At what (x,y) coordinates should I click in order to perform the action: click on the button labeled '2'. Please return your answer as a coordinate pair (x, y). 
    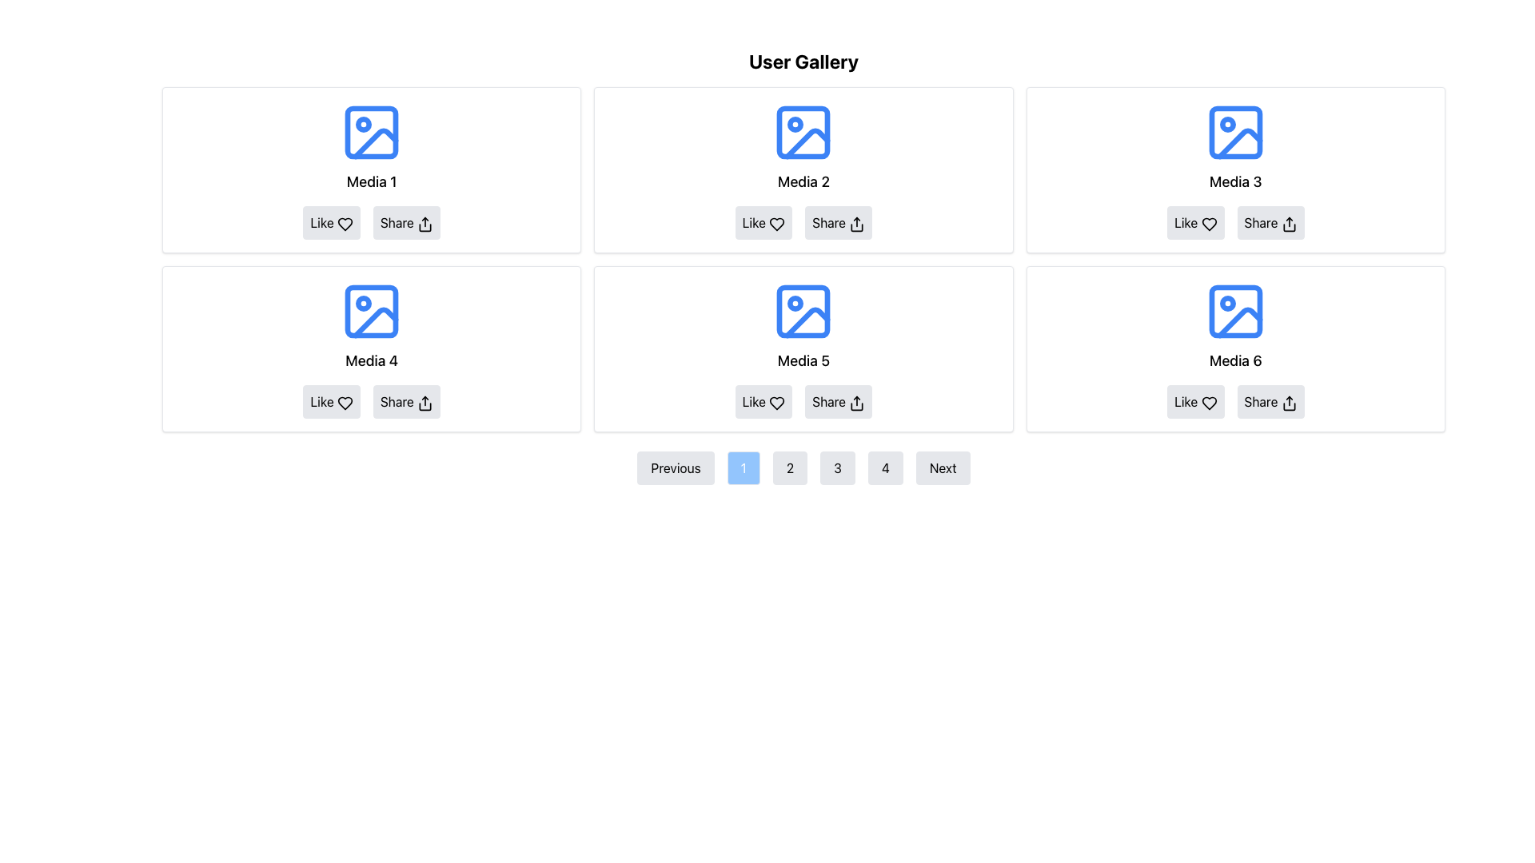
    Looking at the image, I should click on (803, 467).